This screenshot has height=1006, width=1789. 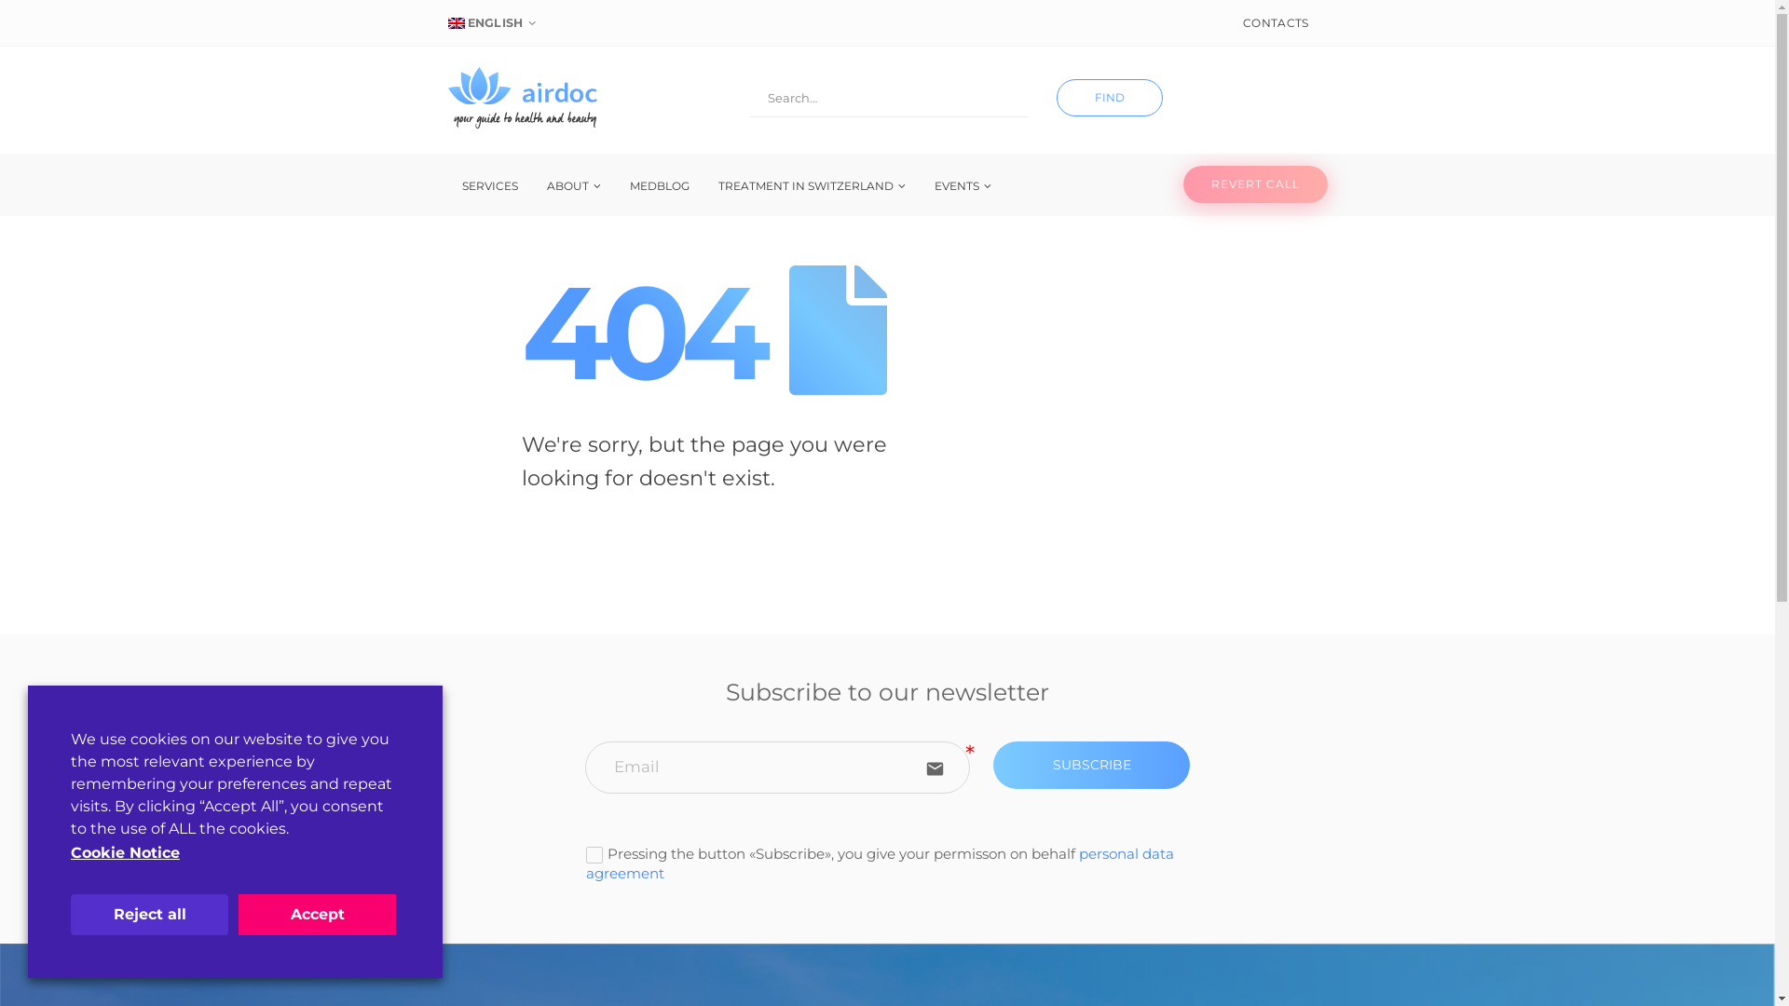 What do you see at coordinates (149, 914) in the screenshot?
I see `'Reject all'` at bounding box center [149, 914].